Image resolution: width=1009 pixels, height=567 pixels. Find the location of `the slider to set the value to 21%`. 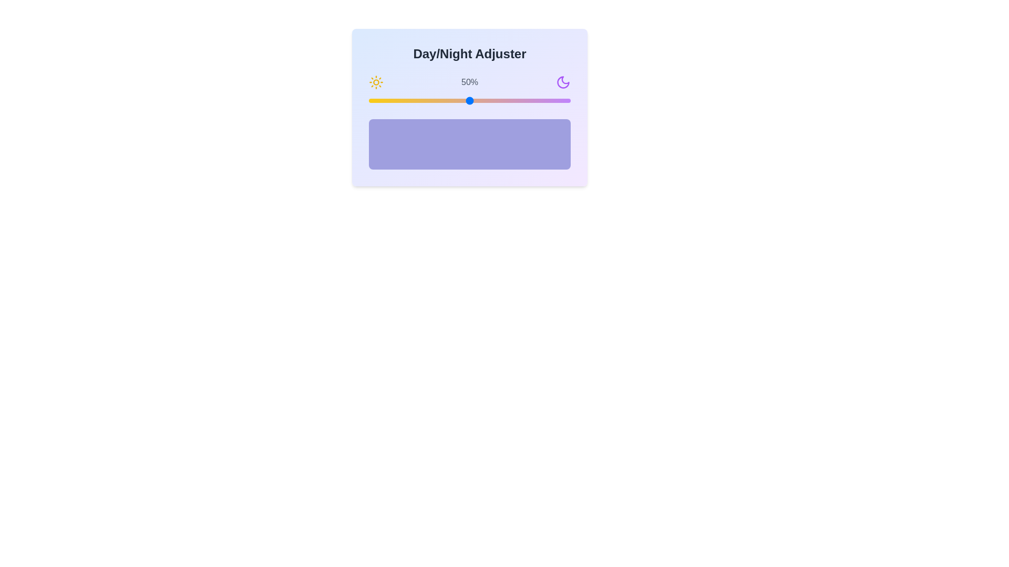

the slider to set the value to 21% is located at coordinates (410, 101).